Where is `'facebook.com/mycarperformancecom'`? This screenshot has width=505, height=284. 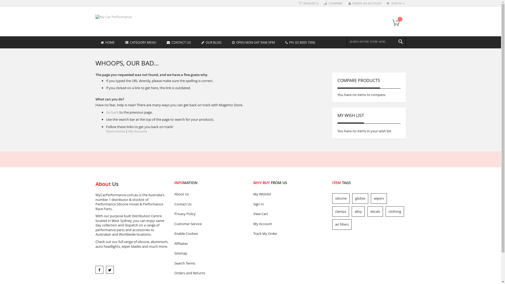
'facebook.com/mycarperformancecom' is located at coordinates (99, 270).